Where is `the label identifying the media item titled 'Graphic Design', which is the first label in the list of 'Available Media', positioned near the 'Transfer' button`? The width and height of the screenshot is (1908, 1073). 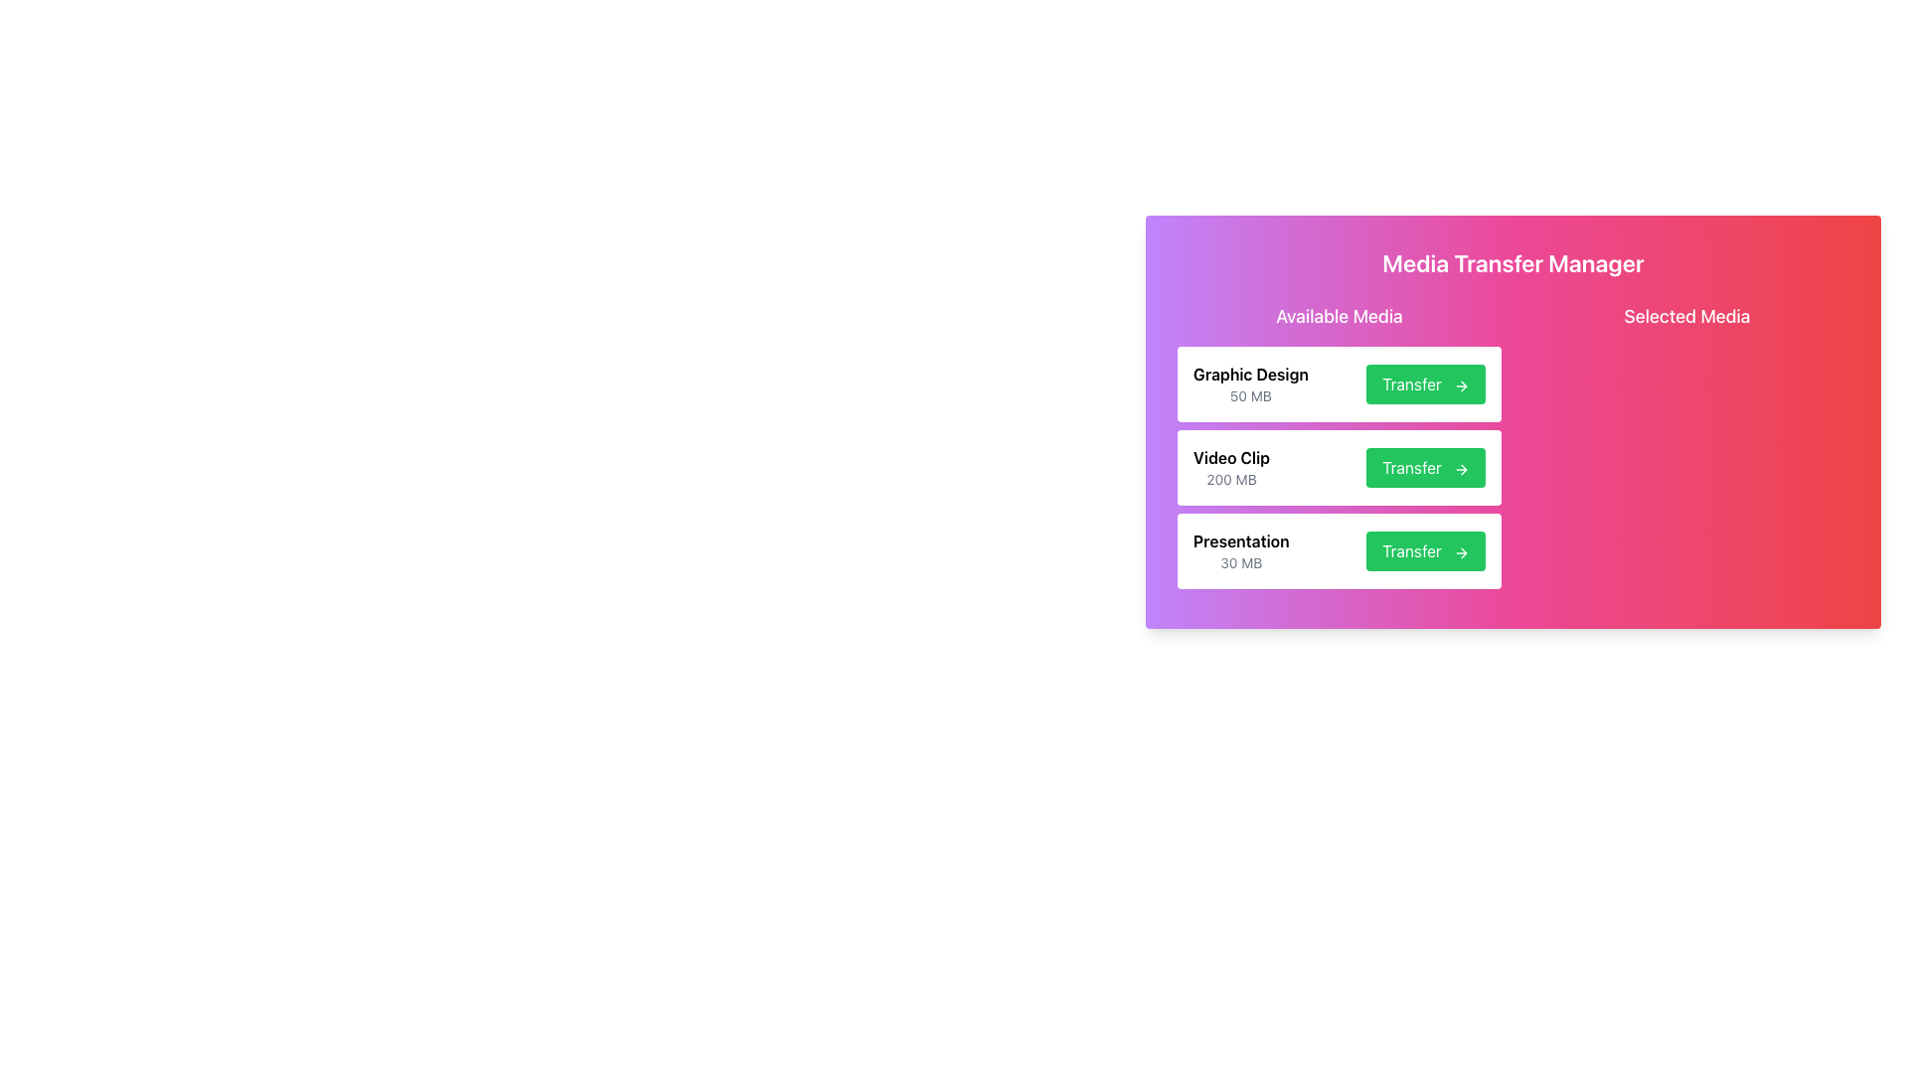 the label identifying the media item titled 'Graphic Design', which is the first label in the list of 'Available Media', positioned near the 'Transfer' button is located at coordinates (1249, 375).